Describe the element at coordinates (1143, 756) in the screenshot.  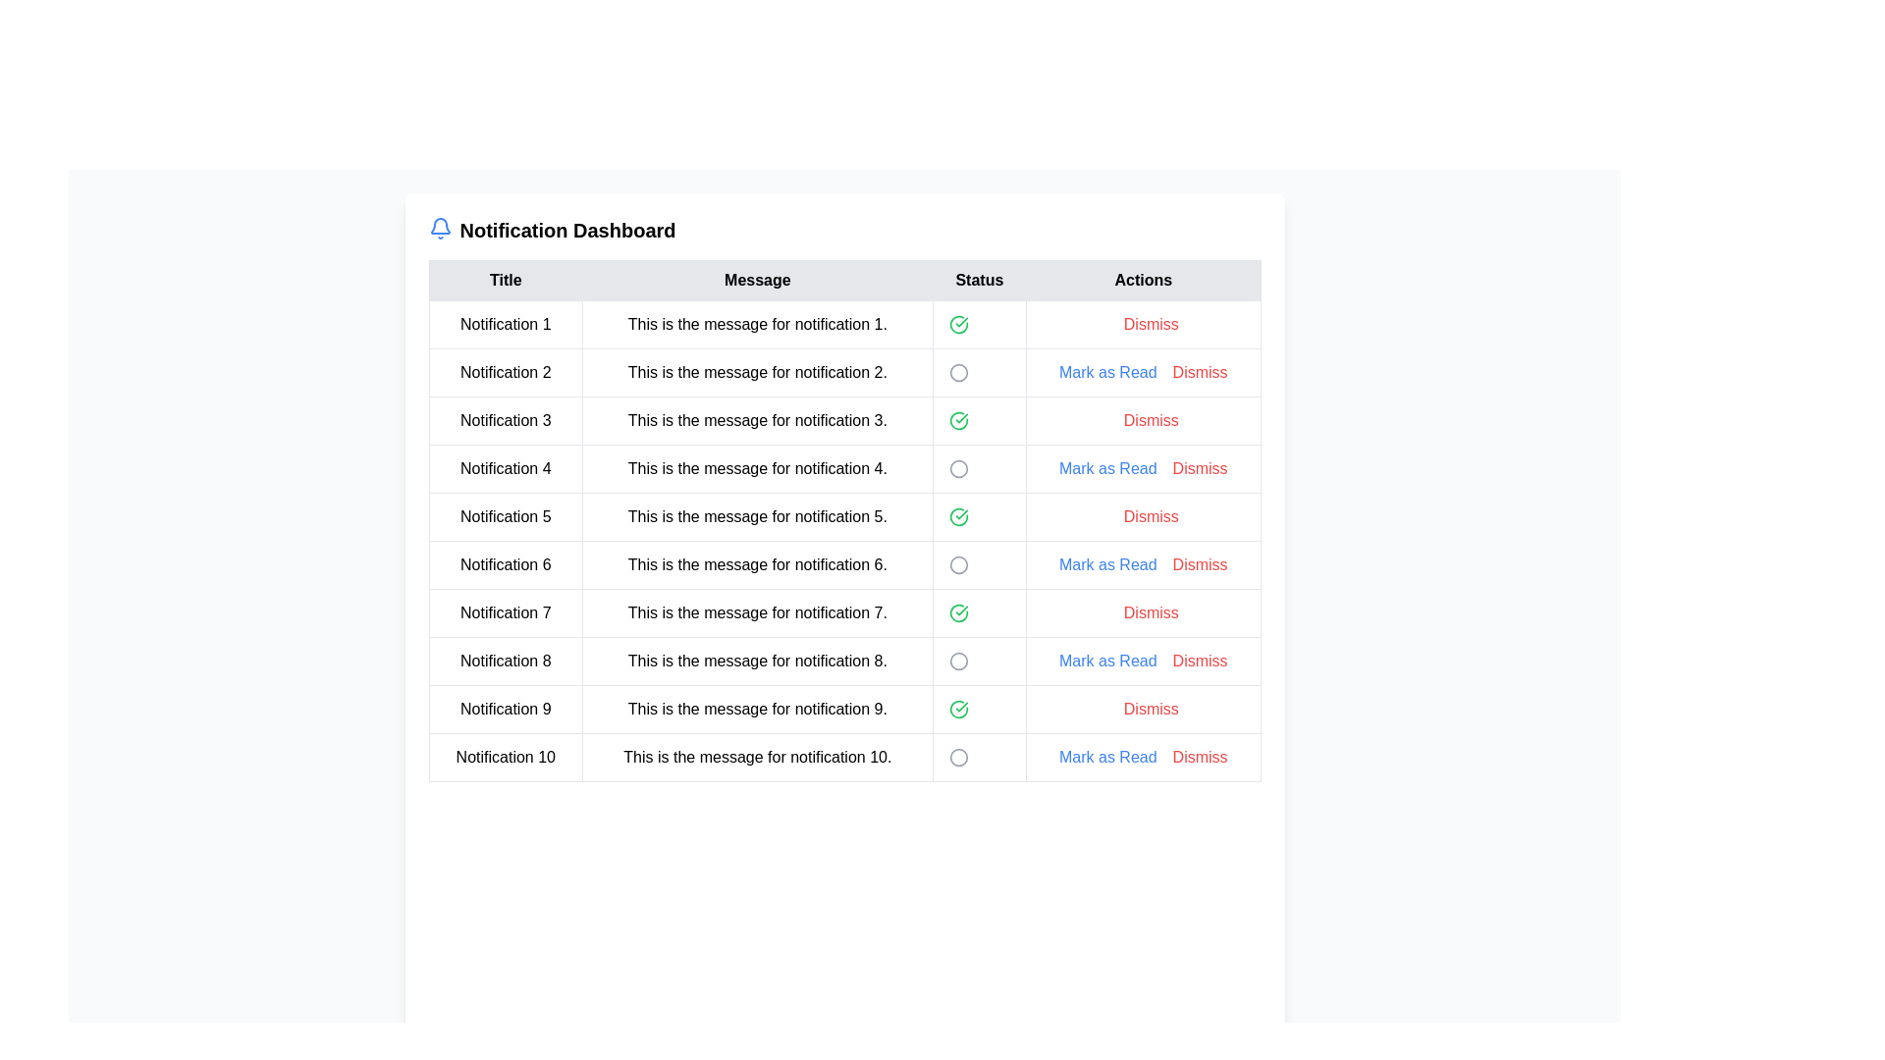
I see `the 'Mark as Read' action link for 'Notification 10' located in the last column of the notification actions` at that location.